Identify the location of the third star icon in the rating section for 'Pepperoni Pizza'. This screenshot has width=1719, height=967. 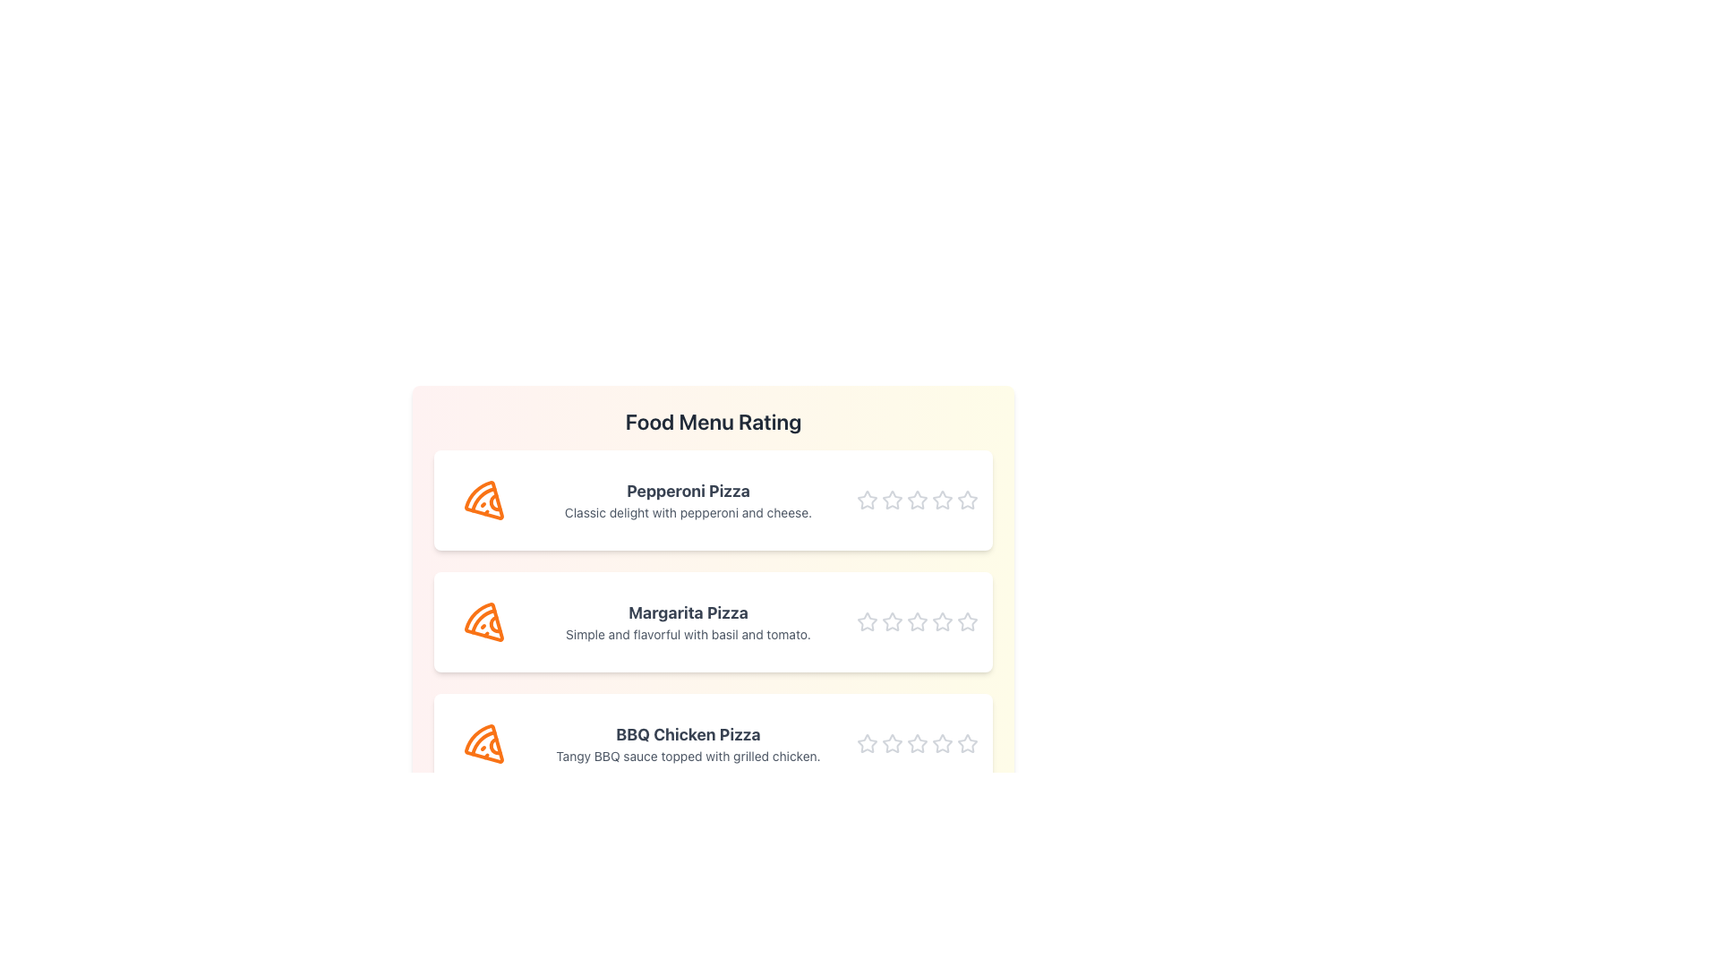
(918, 501).